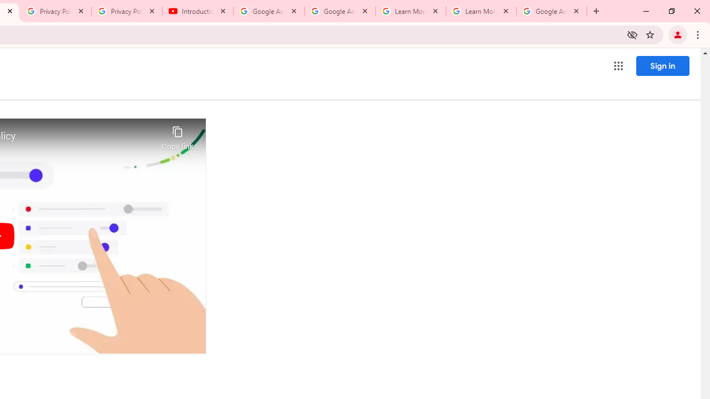  What do you see at coordinates (198, 11) in the screenshot?
I see `'Introduction | Google Privacy Policy - YouTube'` at bounding box center [198, 11].